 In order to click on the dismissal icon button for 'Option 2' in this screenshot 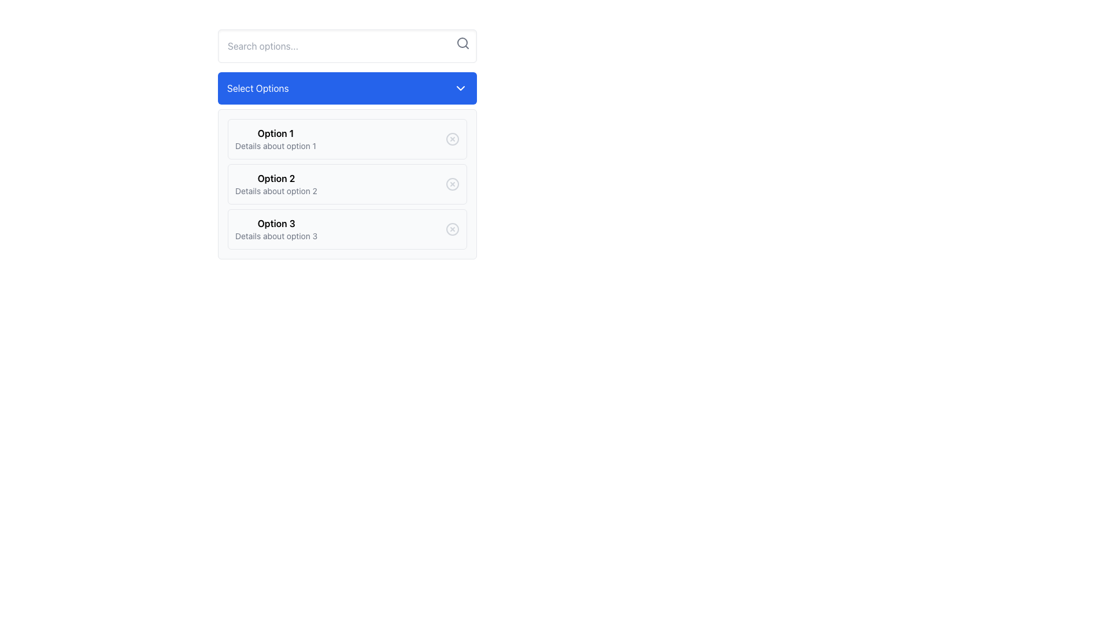, I will do `click(452, 184)`.